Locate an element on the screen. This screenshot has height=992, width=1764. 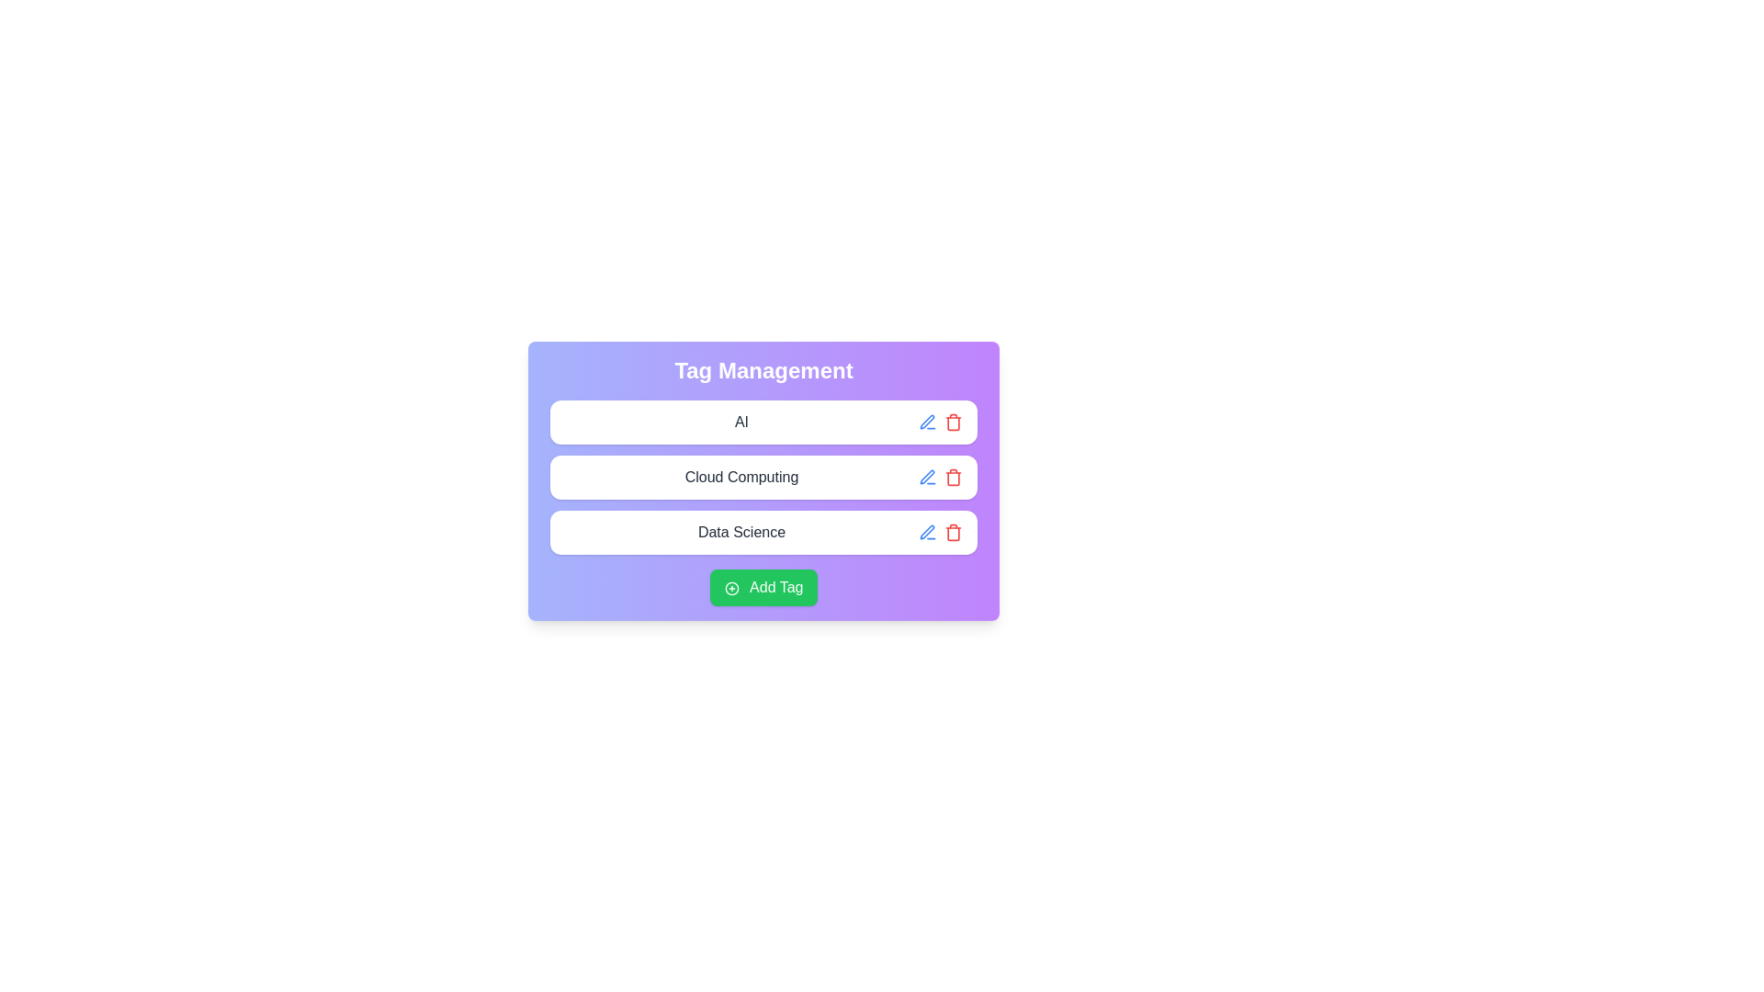
the Icon button located at the far right of the 'AI' row is located at coordinates (953, 422).